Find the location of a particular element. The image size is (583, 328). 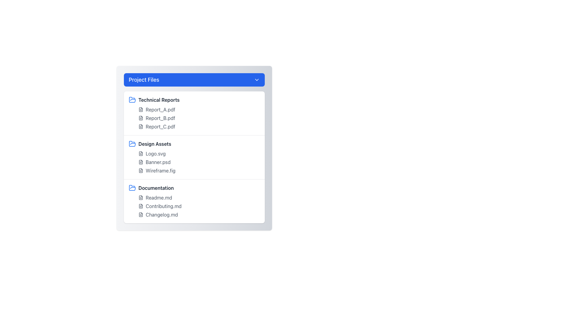

icon representing the file 'Changelog.md' located in the 'Documentation' subsection of the file list interface is located at coordinates (141, 214).